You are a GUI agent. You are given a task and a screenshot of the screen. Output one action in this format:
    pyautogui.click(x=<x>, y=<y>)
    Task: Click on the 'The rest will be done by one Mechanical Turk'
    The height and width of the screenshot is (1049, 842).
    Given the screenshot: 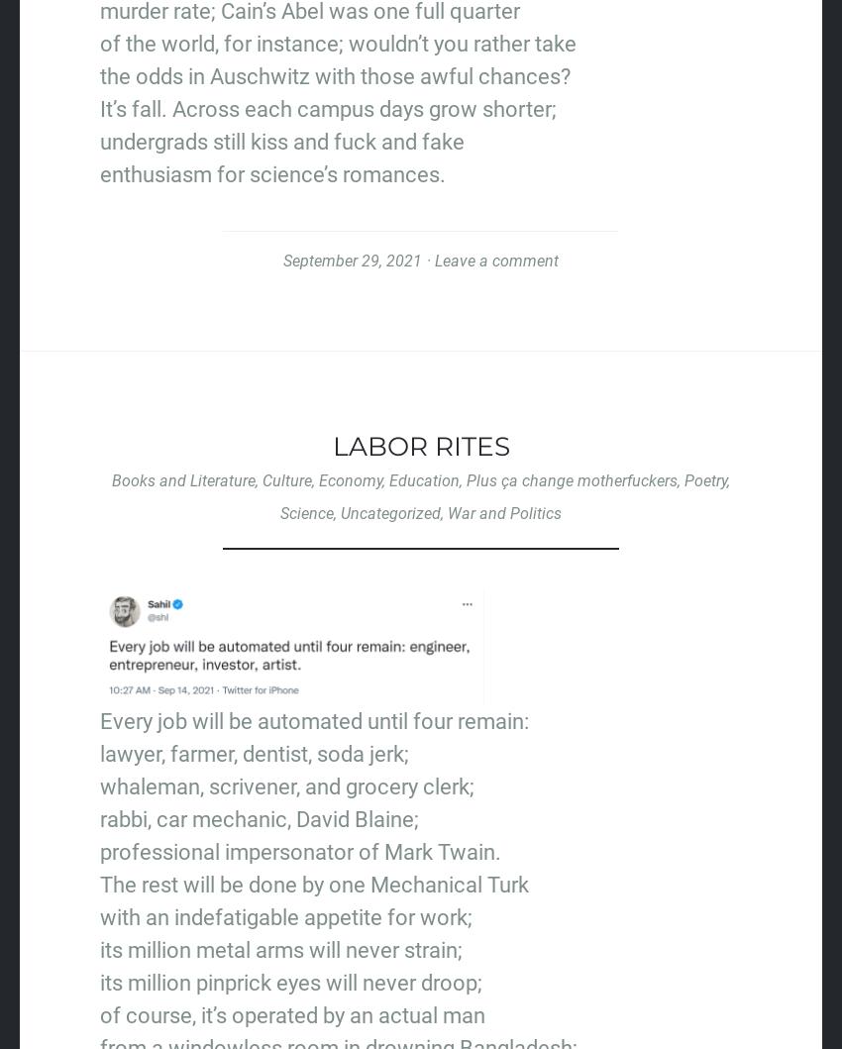 What is the action you would take?
    pyautogui.click(x=314, y=884)
    